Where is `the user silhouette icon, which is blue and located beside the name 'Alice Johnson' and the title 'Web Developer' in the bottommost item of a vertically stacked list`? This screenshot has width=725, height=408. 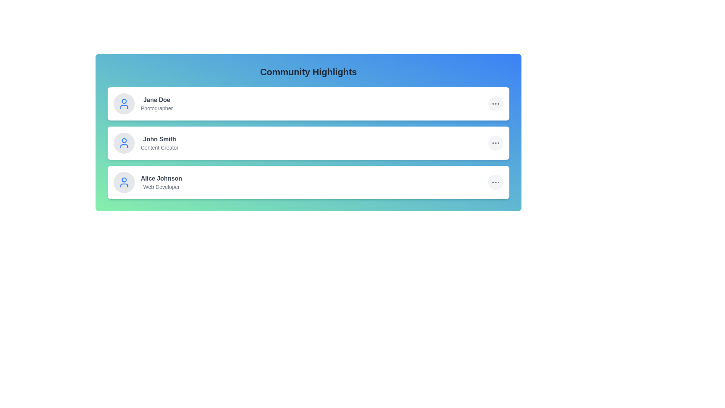 the user silhouette icon, which is blue and located beside the name 'Alice Johnson' and the title 'Web Developer' in the bottommost item of a vertically stacked list is located at coordinates (124, 182).